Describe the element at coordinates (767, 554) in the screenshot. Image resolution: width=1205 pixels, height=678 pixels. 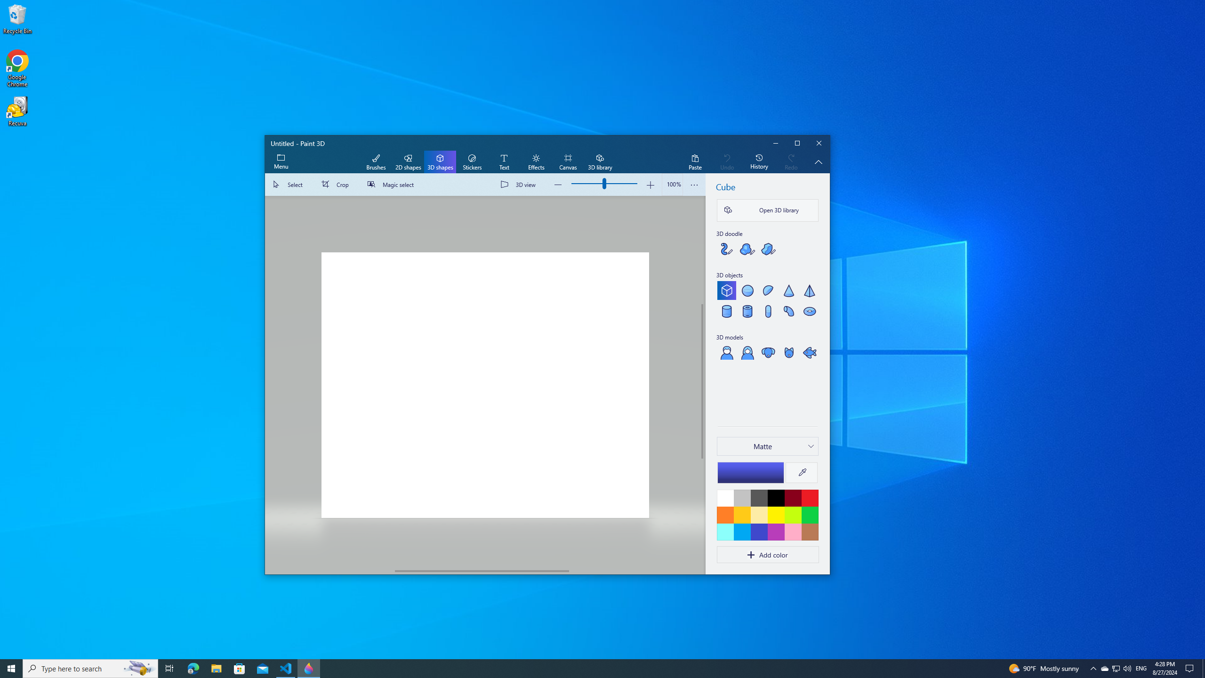
I see `'Add color'` at that location.